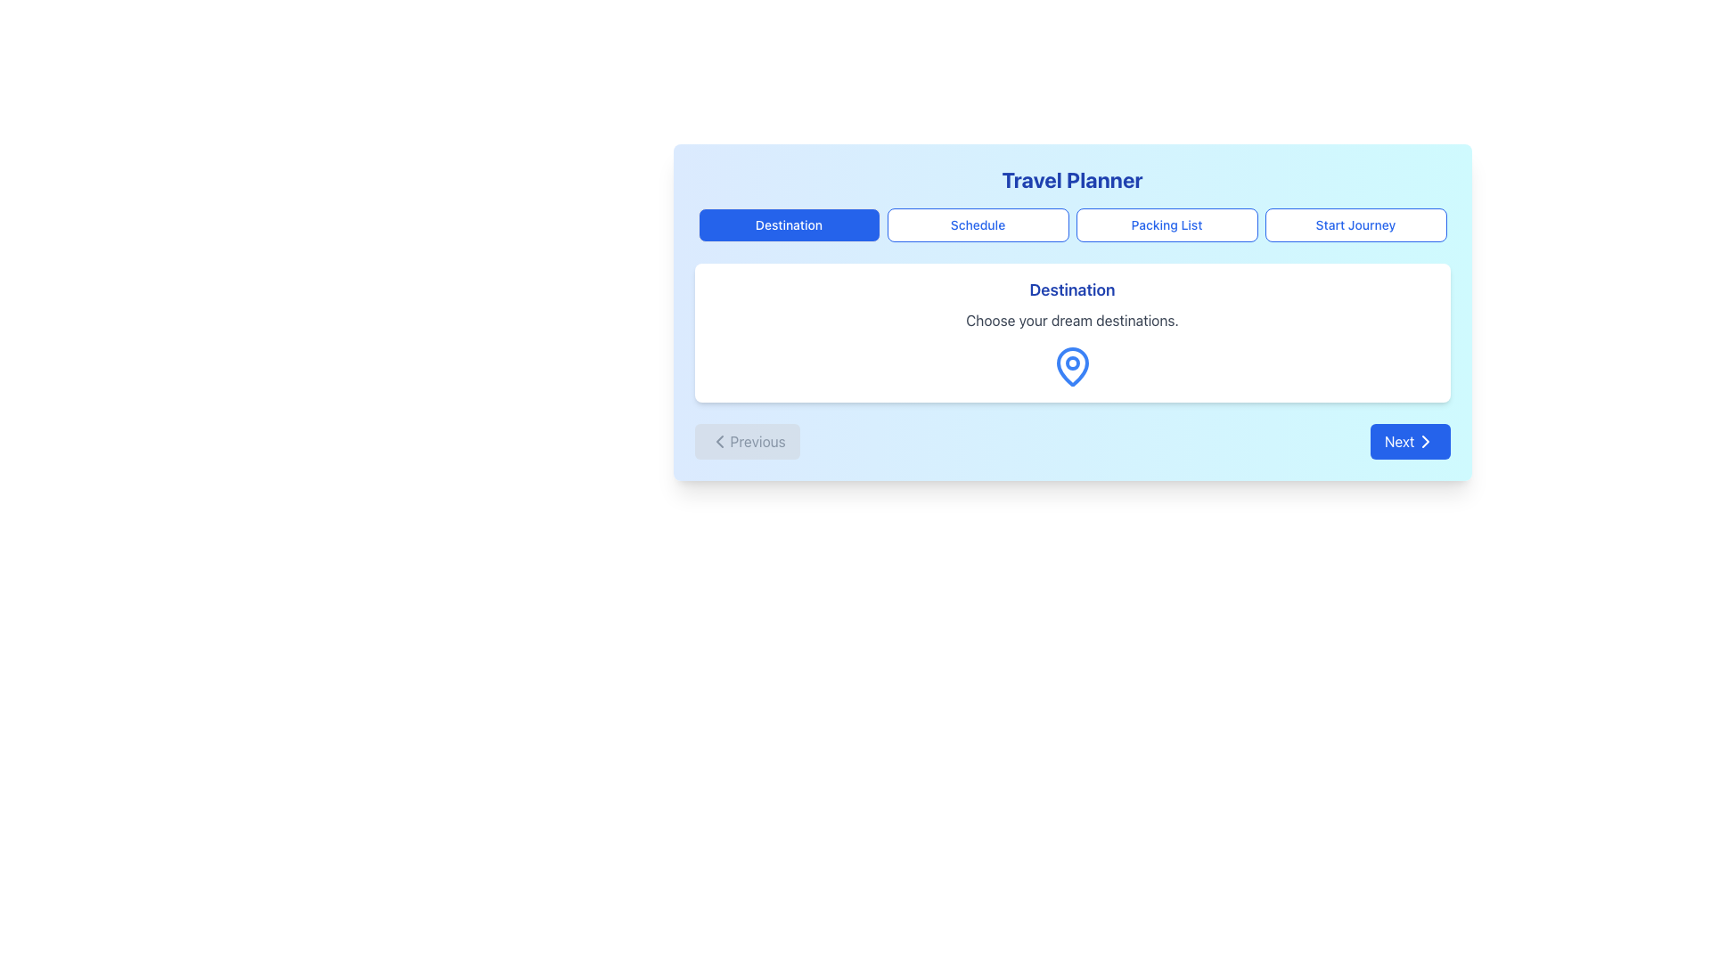 This screenshot has width=1711, height=962. I want to click on the 'Packing List' text label in the navigation menu, which is the third item from the left, displaying the phrase in blue color, so click(1167, 224).